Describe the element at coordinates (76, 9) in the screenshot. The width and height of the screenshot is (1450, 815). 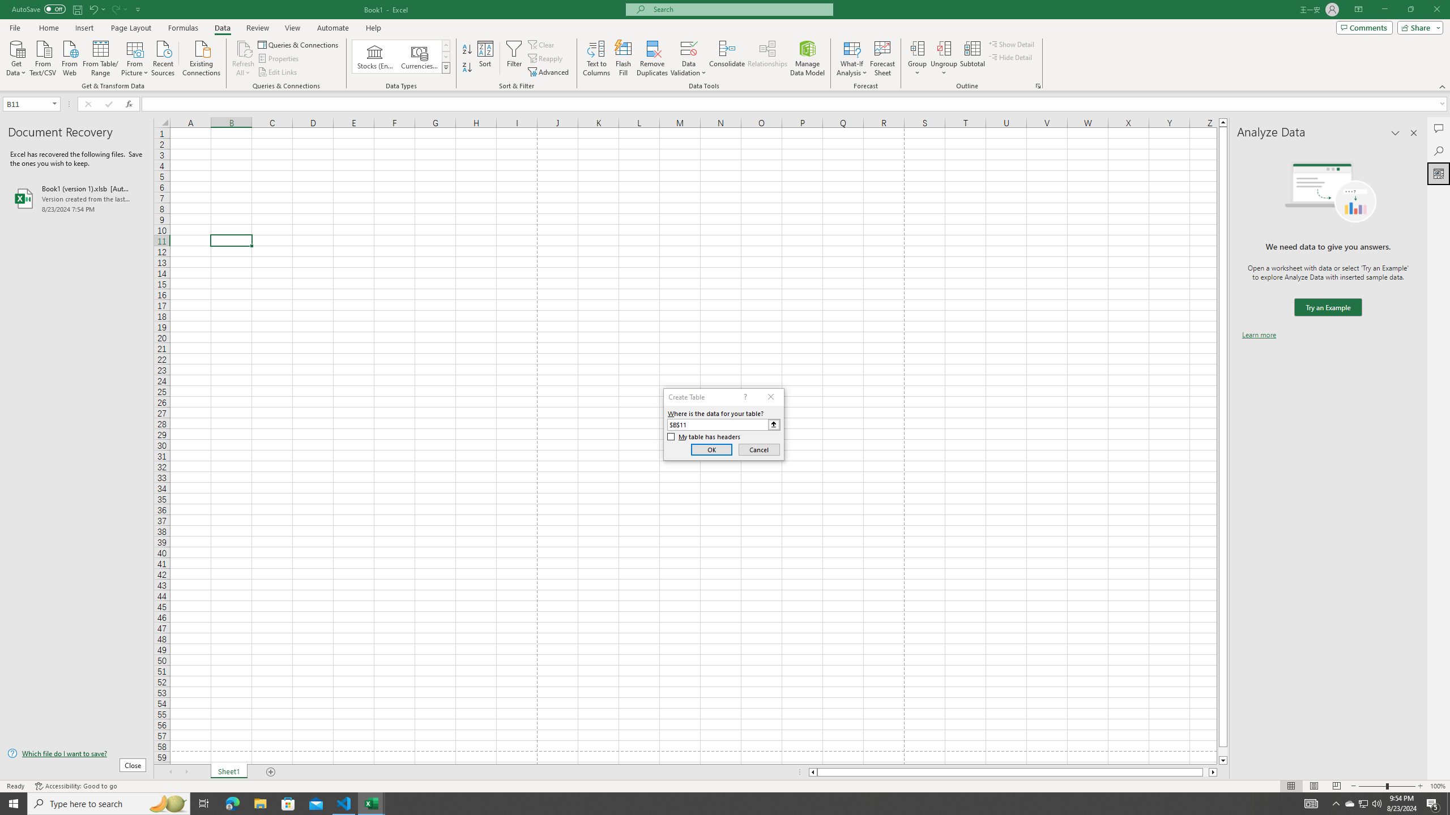
I see `'Quick Access Toolbar'` at that location.